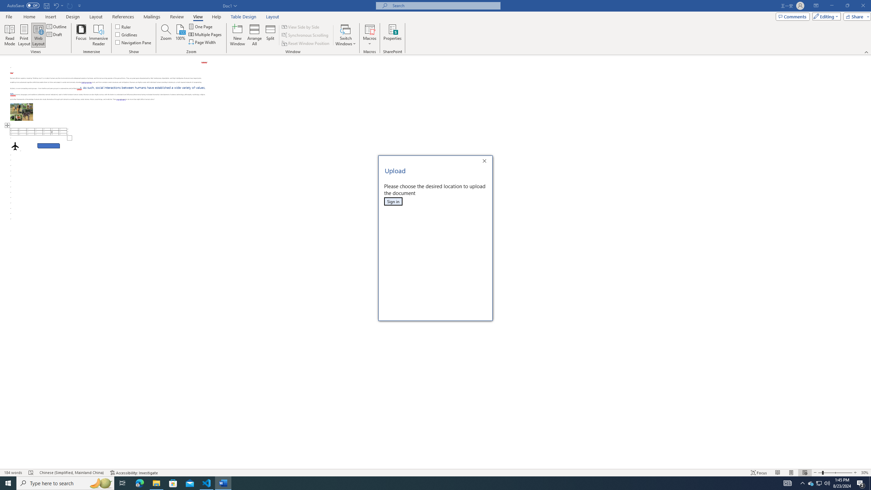 This screenshot has height=490, width=871. I want to click on 'Zoom...', so click(165, 35).